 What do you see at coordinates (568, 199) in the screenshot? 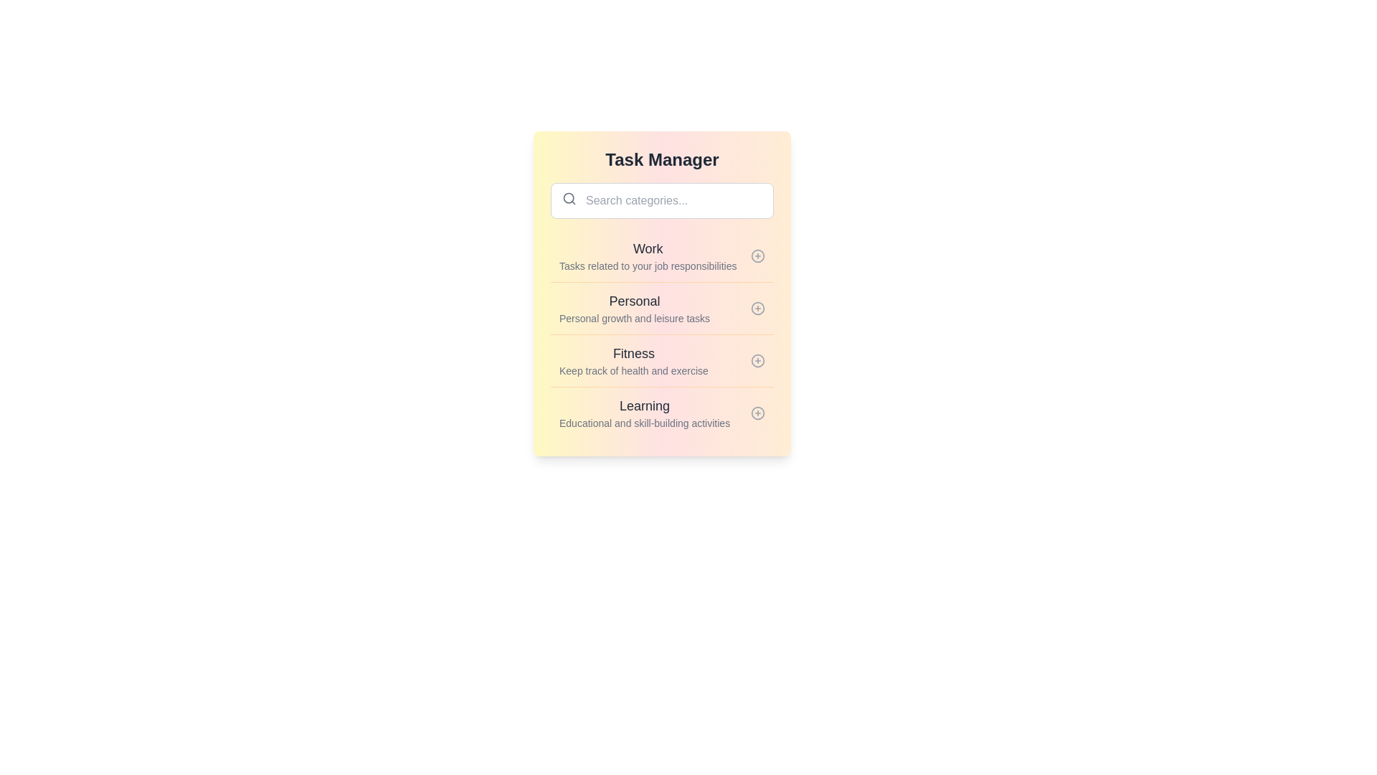
I see `the search icon, which is a magnifying glass shape with a circular outline and a diagonal handle, located to the left of the search input field` at bounding box center [568, 199].